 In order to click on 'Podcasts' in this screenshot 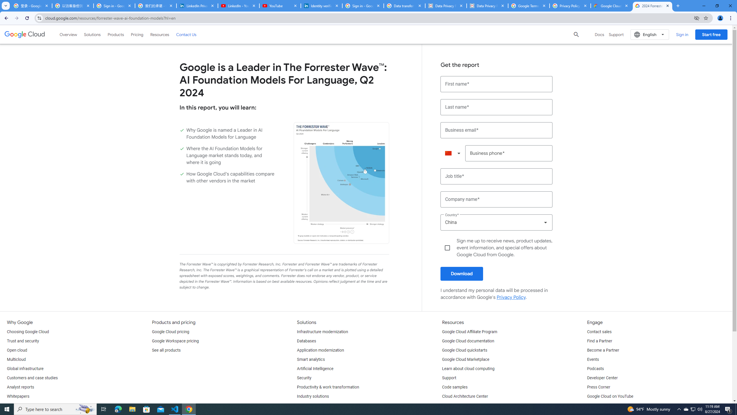, I will do `click(595, 369)`.